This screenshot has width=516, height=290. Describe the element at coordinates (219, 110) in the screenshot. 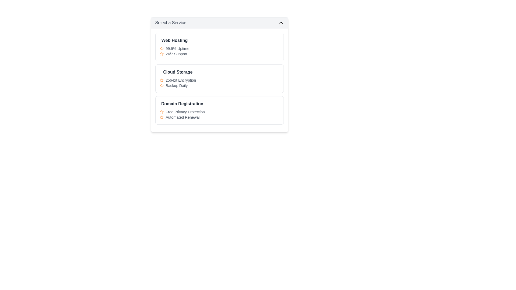

I see `the 'Domain Registration' option in the 'Select a Service' menu` at that location.